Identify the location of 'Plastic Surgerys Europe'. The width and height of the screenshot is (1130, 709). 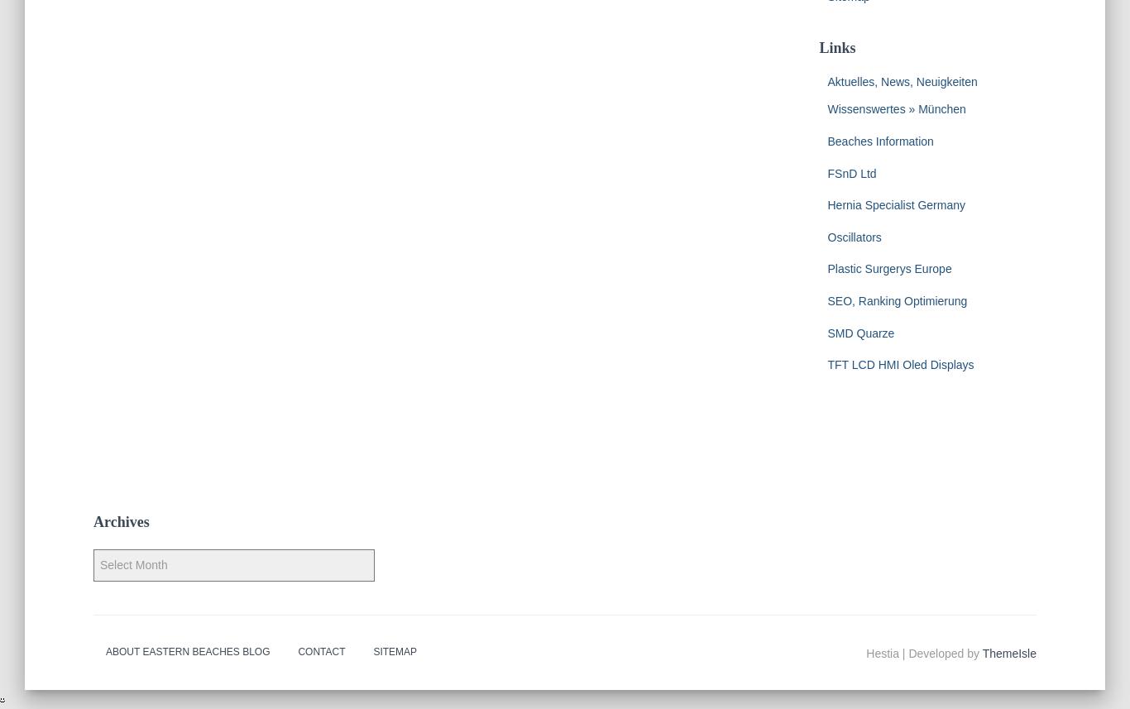
(888, 268).